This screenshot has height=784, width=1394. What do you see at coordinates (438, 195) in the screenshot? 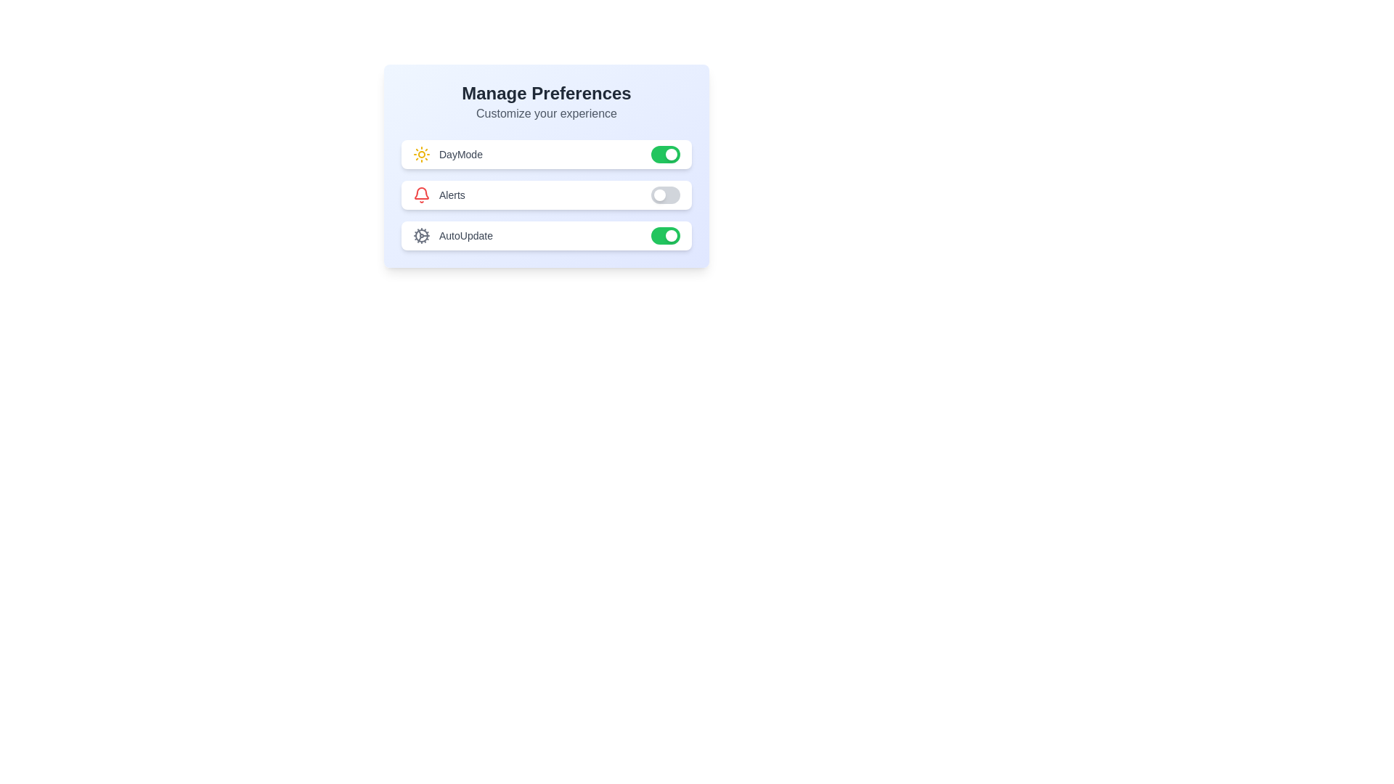
I see `the Label with icon element that features a red bell icon and the text 'alerts', positioned below the 'DayMode' toggle and above the 'AutoUpdate' toggle` at bounding box center [438, 195].